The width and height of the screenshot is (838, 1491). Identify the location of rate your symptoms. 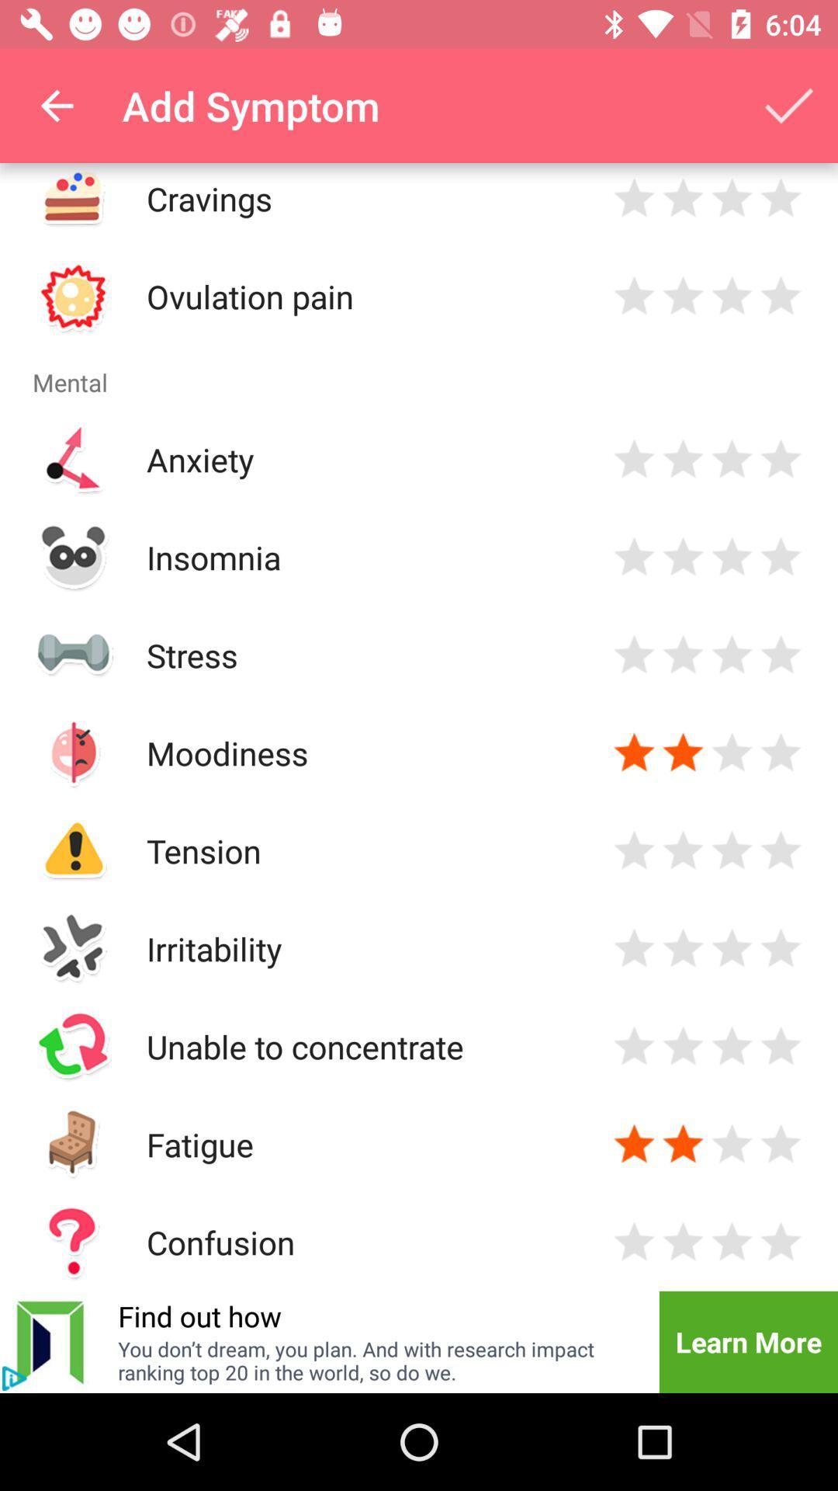
(634, 296).